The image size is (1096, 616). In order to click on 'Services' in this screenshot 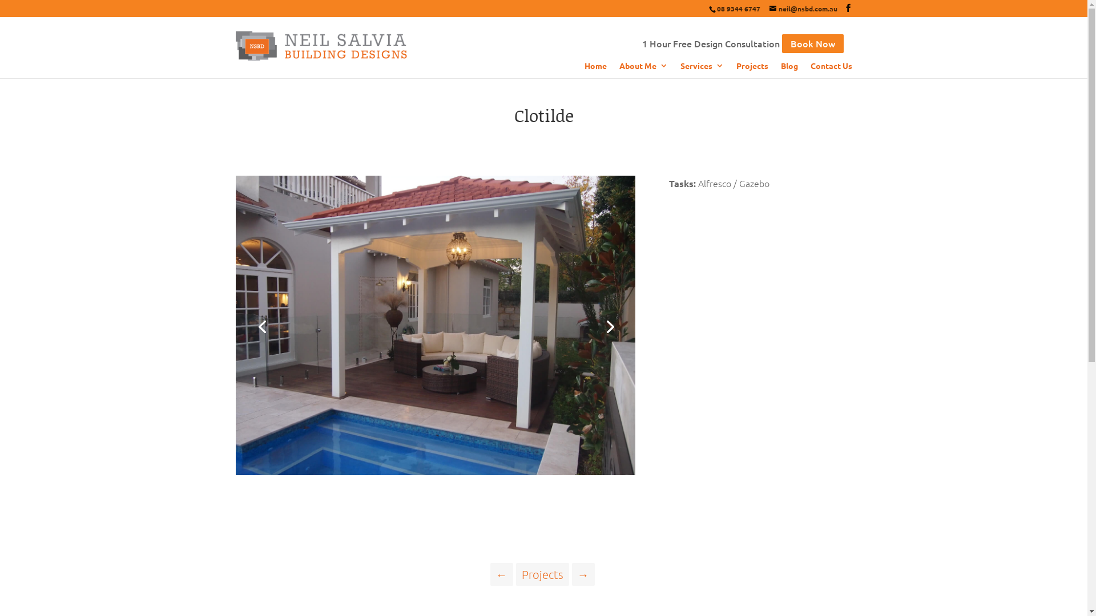, I will do `click(680, 70)`.